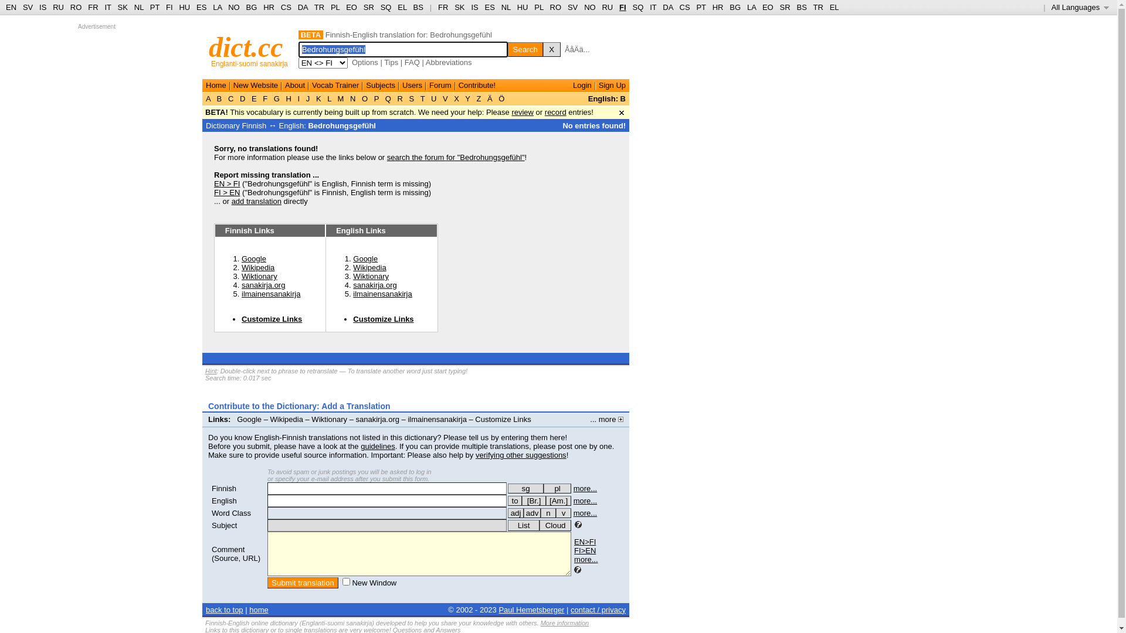 Image resolution: width=1126 pixels, height=633 pixels. What do you see at coordinates (307, 98) in the screenshot?
I see `'J'` at bounding box center [307, 98].